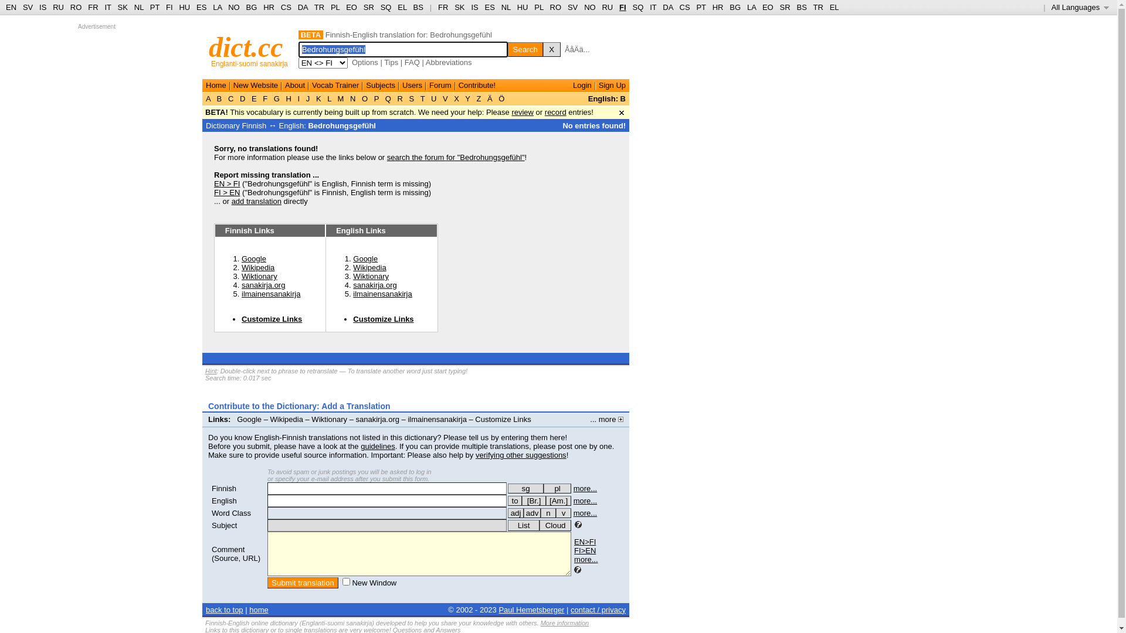 Image resolution: width=1126 pixels, height=633 pixels. What do you see at coordinates (307, 98) in the screenshot?
I see `'J'` at bounding box center [307, 98].